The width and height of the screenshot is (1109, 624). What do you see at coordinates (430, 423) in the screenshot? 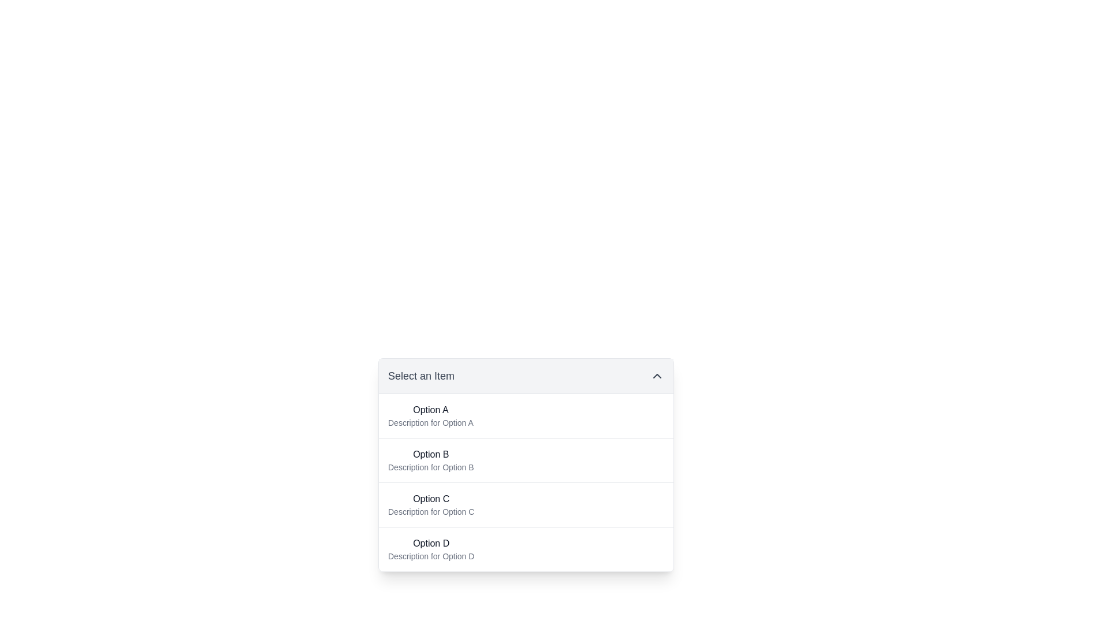
I see `the descriptive text label for 'Option A' located directly below the text 'Option A' in the dropdown menu under the title 'Select an Item'` at bounding box center [430, 423].